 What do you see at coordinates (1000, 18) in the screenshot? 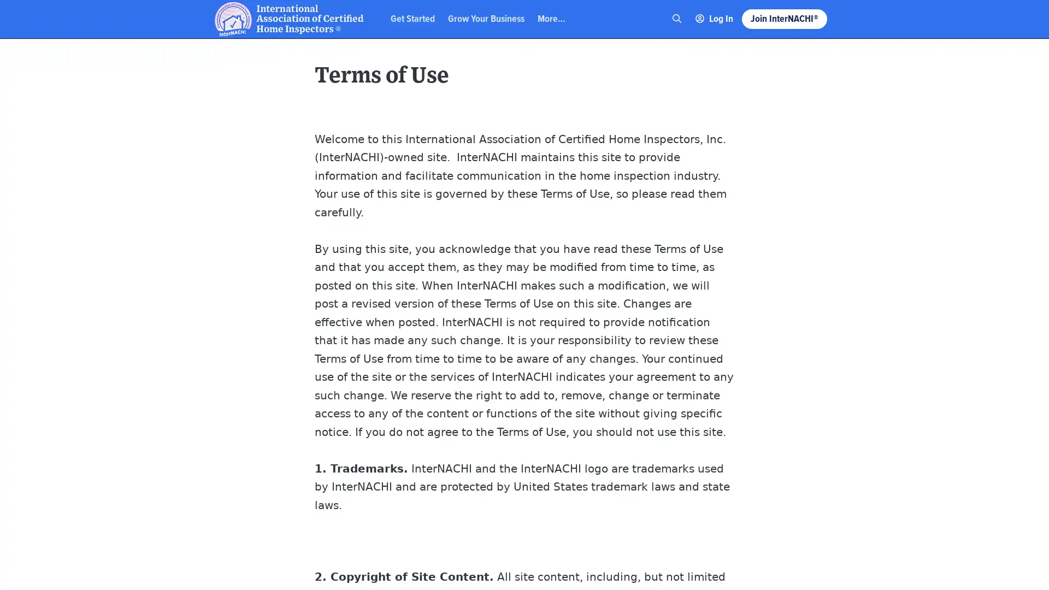
I see `Back to Top` at bounding box center [1000, 18].